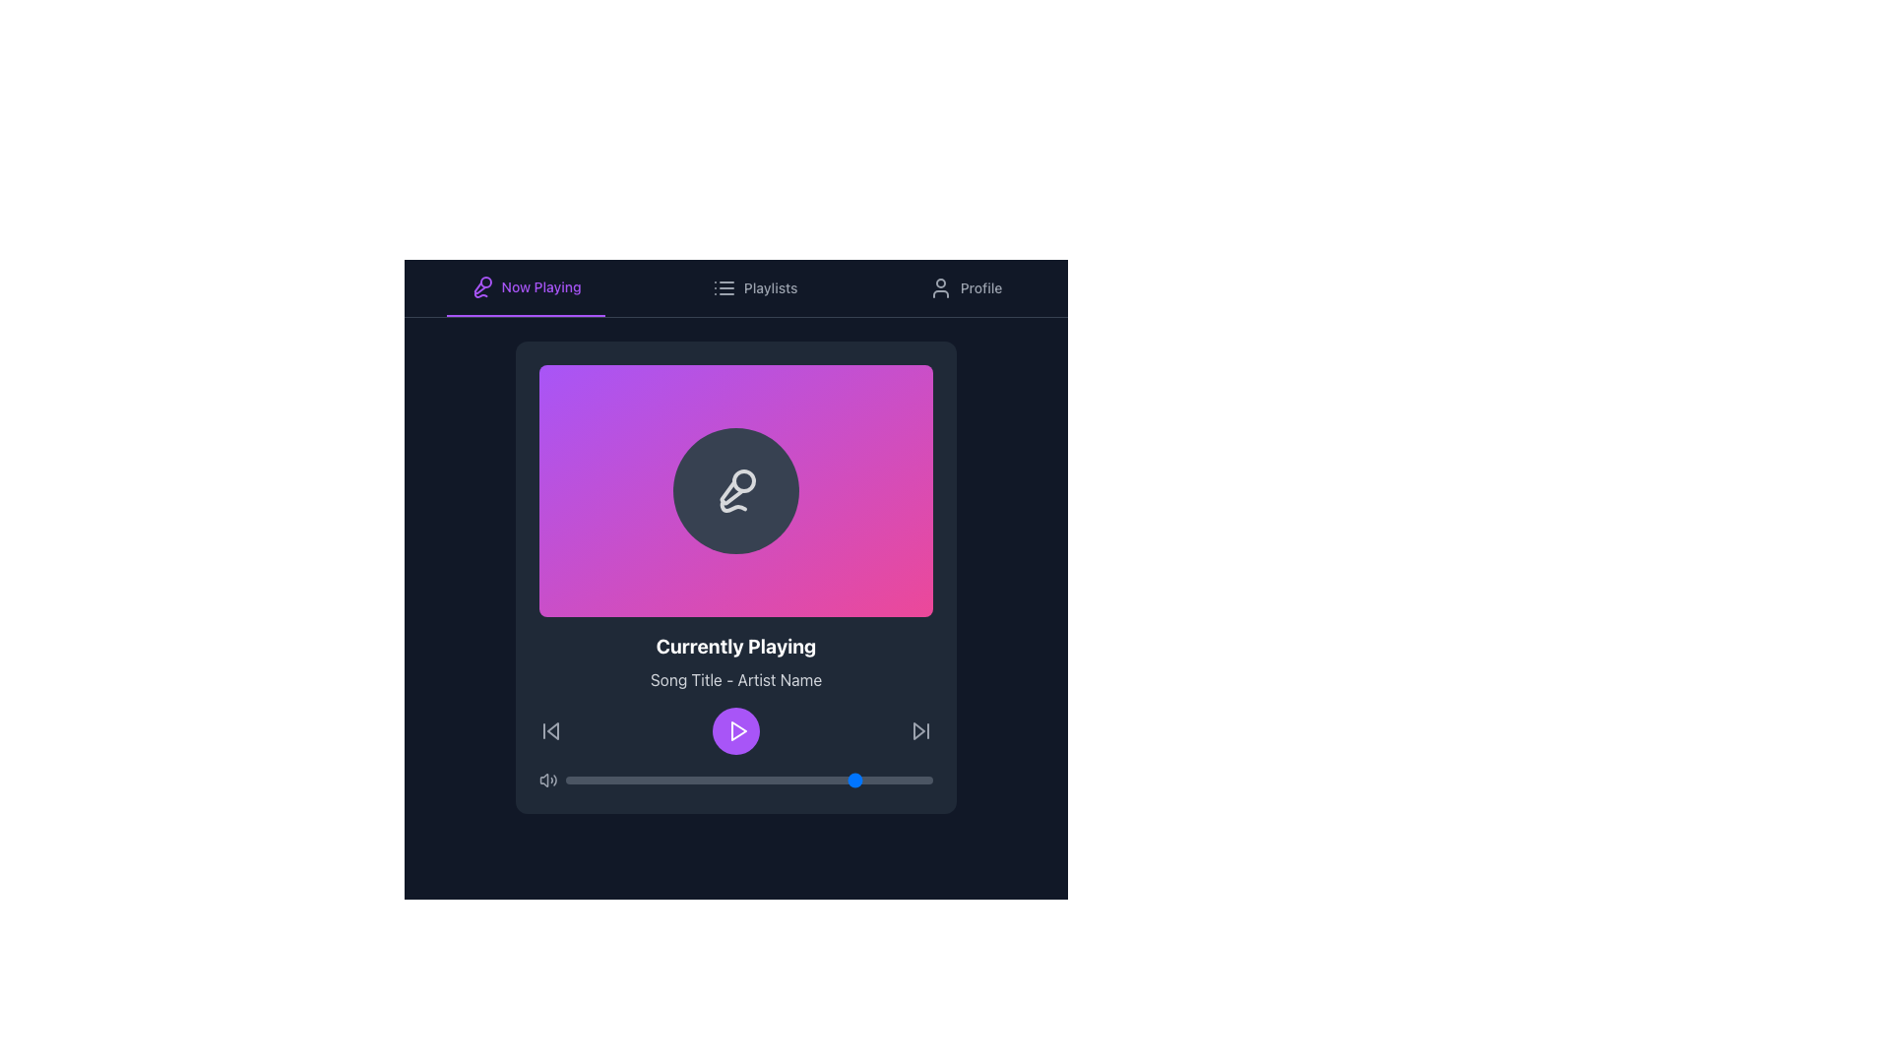  I want to click on the skip button located at the bottom-right corner of the 'Currently Playing' card, so click(920, 731).